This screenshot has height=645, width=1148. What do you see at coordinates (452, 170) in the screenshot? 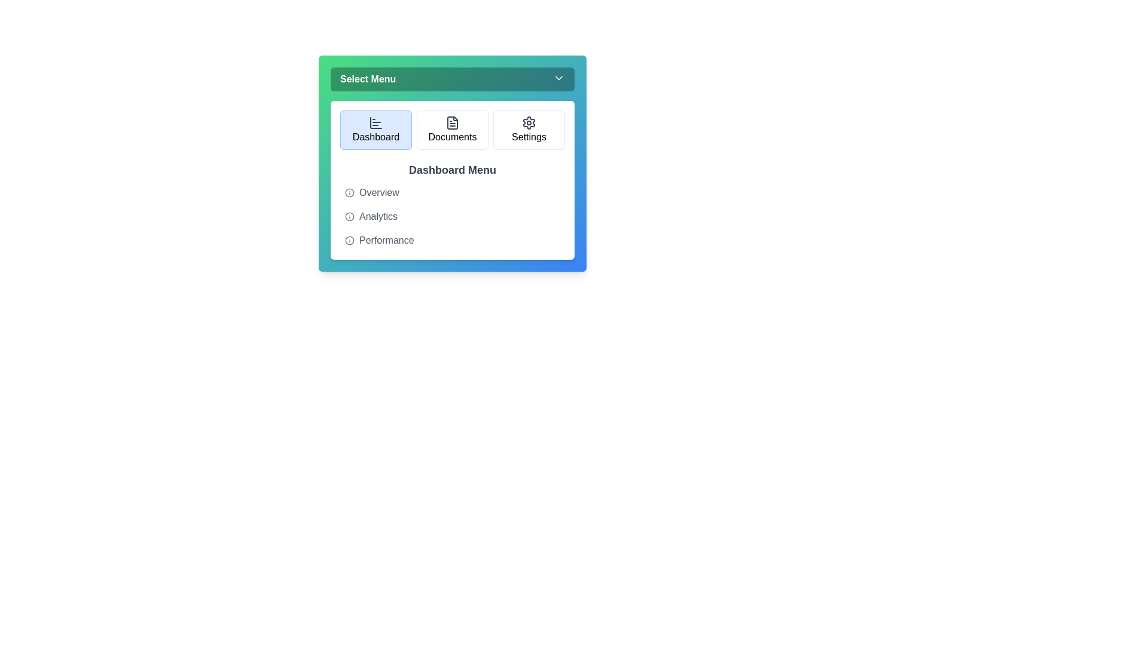
I see `the label that identifies the section of the menu, situated below the buttons 'Dashboard', 'Documents', and 'Settings', and above the list items 'Overview', 'Analytics', and 'Performance'` at bounding box center [452, 170].